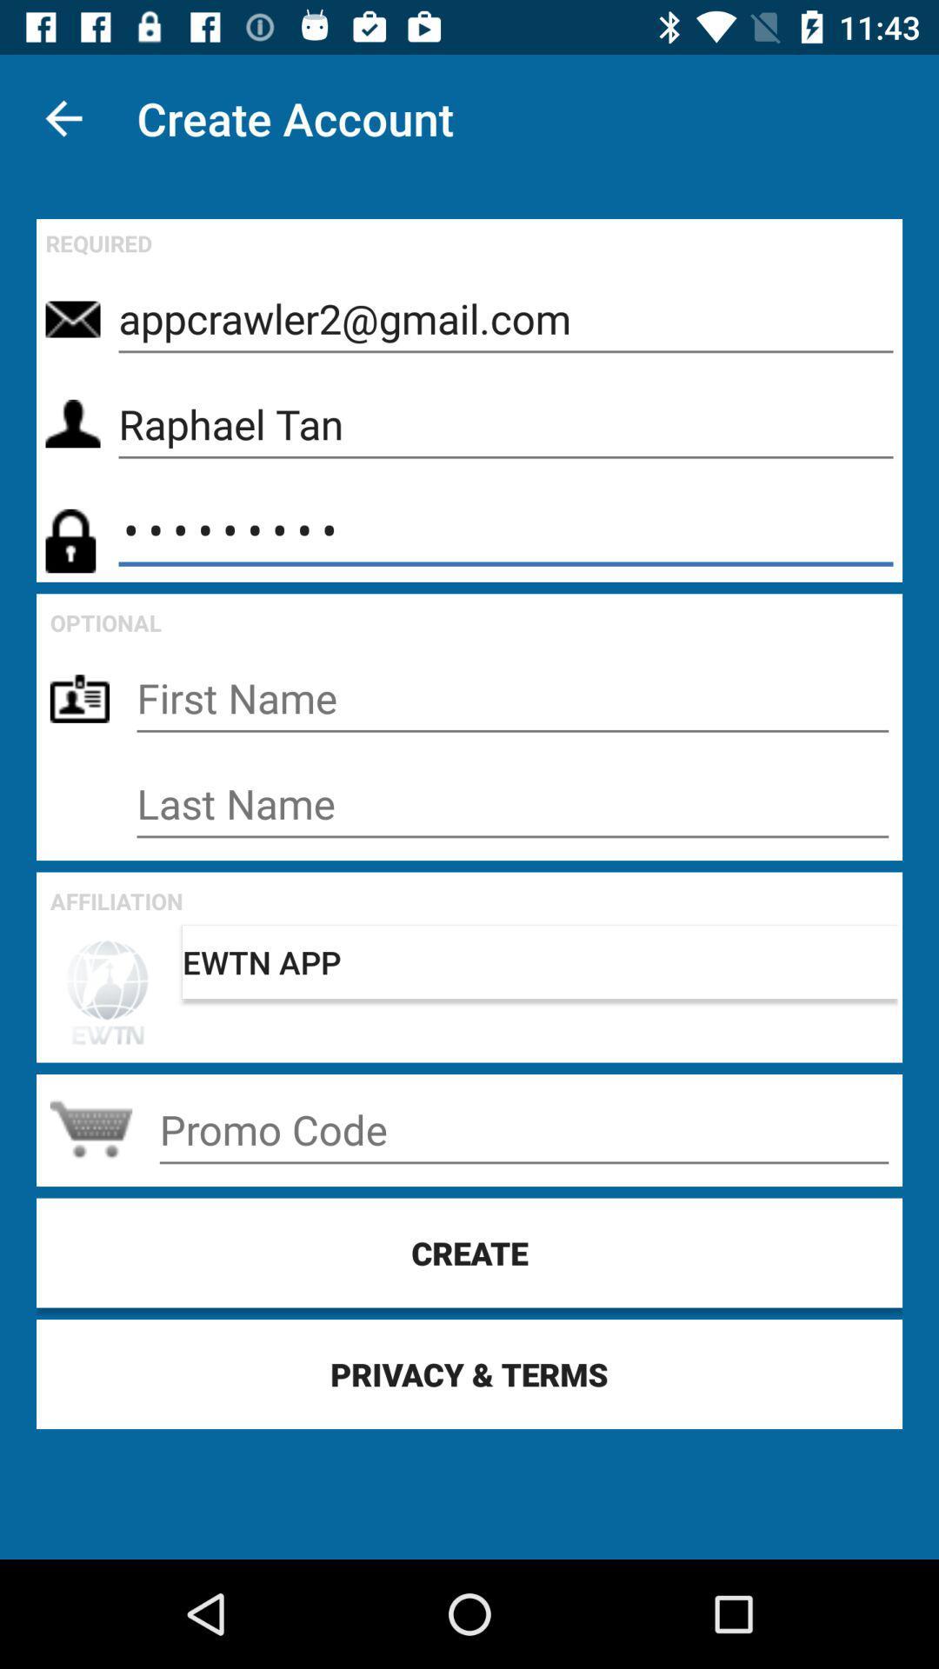 Image resolution: width=939 pixels, height=1669 pixels. What do you see at coordinates (63, 117) in the screenshot?
I see `the item above the required icon` at bounding box center [63, 117].